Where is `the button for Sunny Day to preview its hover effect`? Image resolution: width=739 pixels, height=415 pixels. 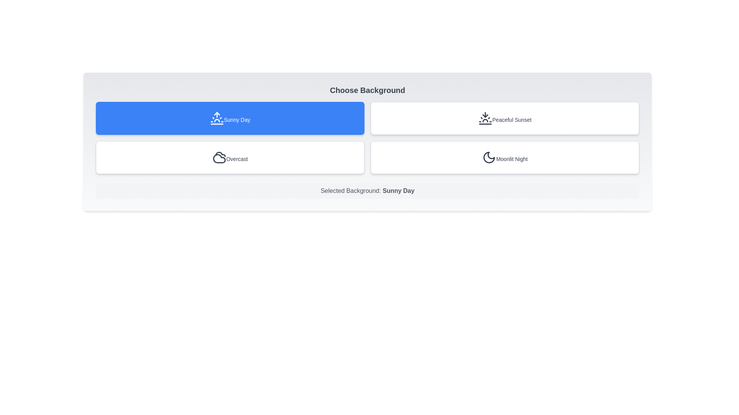
the button for Sunny Day to preview its hover effect is located at coordinates (230, 118).